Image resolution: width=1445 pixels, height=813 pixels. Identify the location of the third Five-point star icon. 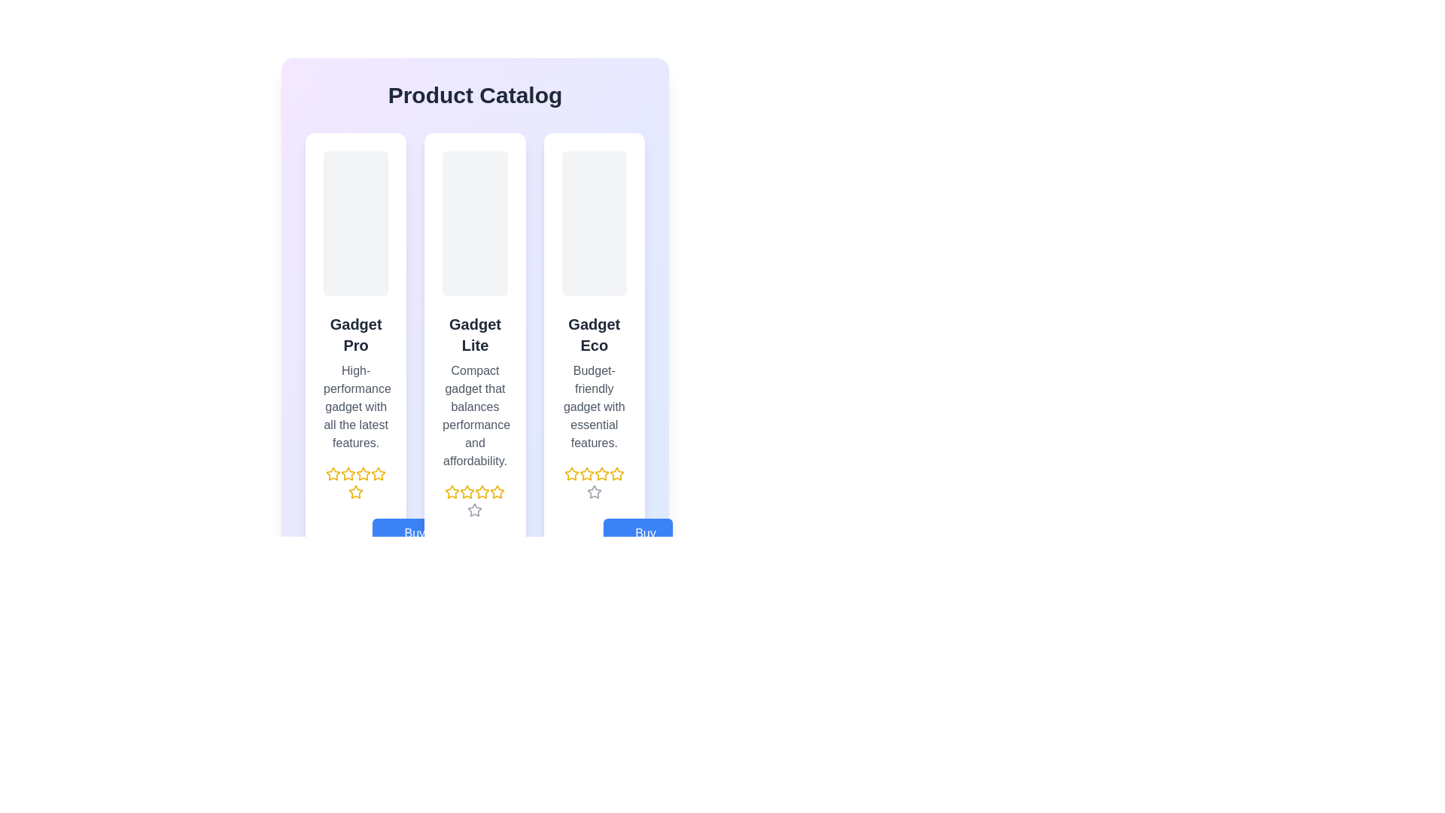
(482, 492).